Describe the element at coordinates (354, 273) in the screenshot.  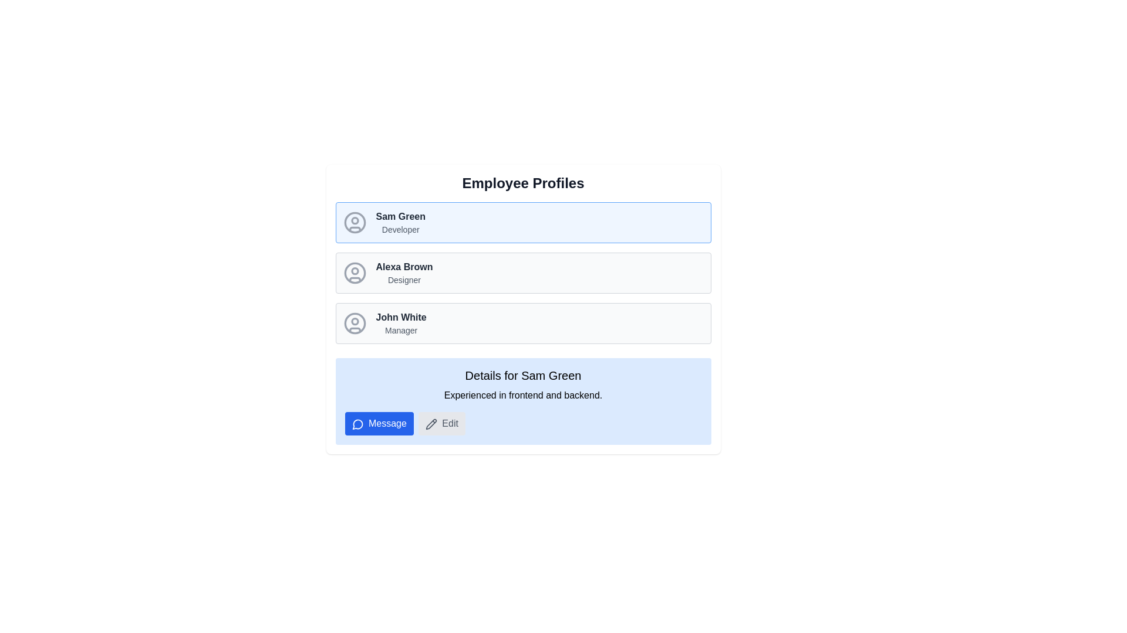
I see `the user profile icon, which is a gray SVG icon resembling a stylized user profile image, located to the left of the text 'Alexa Brown Designer' in the second row of employee profiles` at that location.